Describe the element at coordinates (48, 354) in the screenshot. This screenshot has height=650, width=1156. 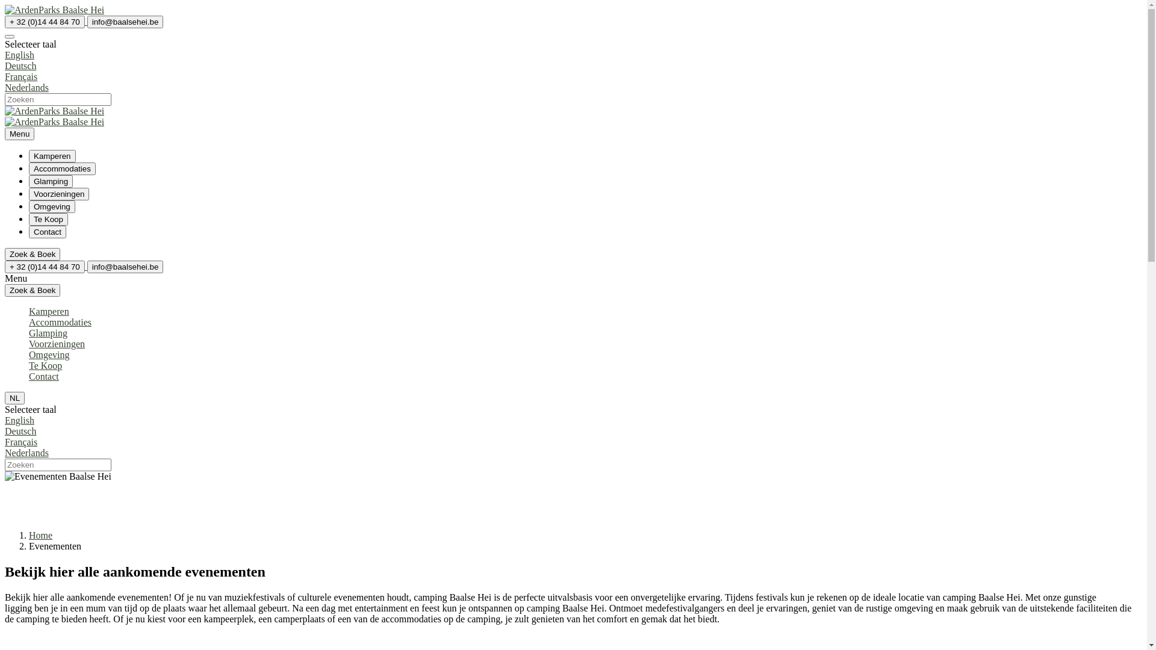
I see `'Omgeving'` at that location.